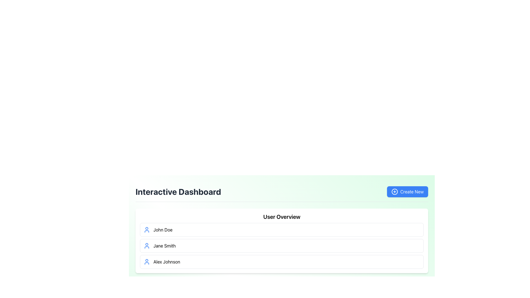 Image resolution: width=530 pixels, height=298 pixels. What do you see at coordinates (282, 261) in the screenshot?
I see `the list item component representing the user entry for 'Alex Johnson' to trigger style changes` at bounding box center [282, 261].